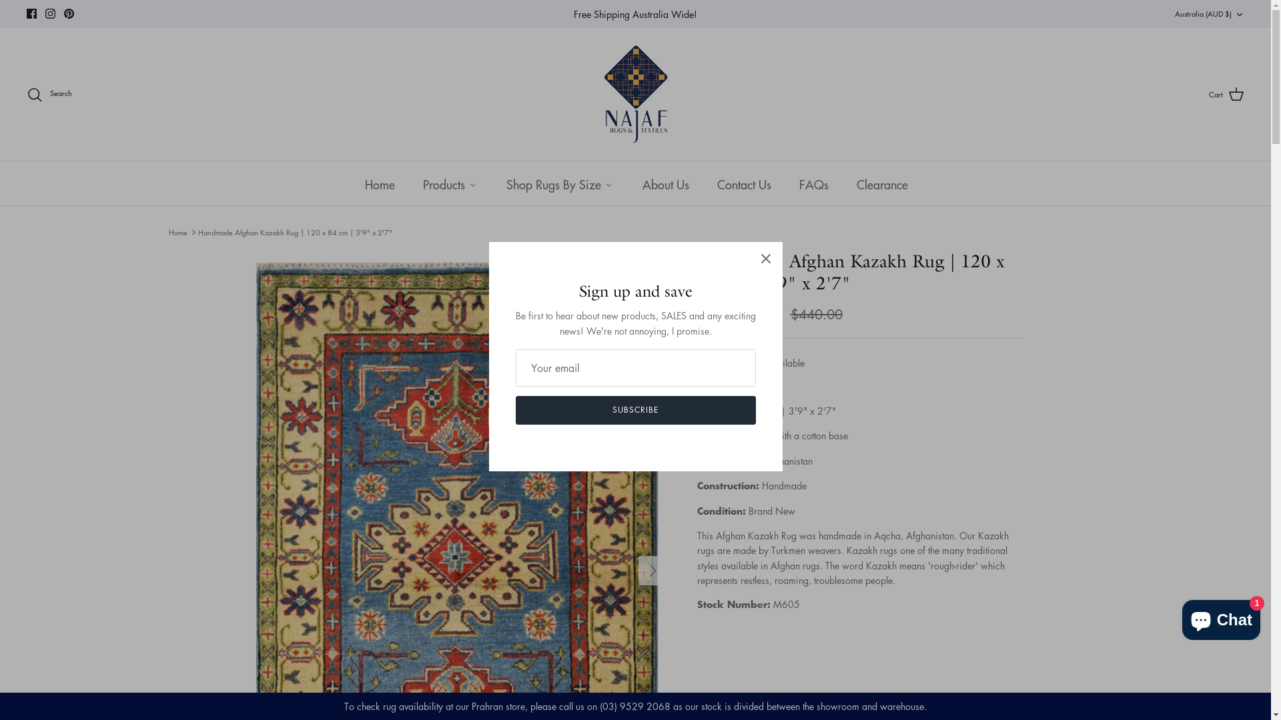 The image size is (1281, 720). What do you see at coordinates (665, 183) in the screenshot?
I see `'About Us'` at bounding box center [665, 183].